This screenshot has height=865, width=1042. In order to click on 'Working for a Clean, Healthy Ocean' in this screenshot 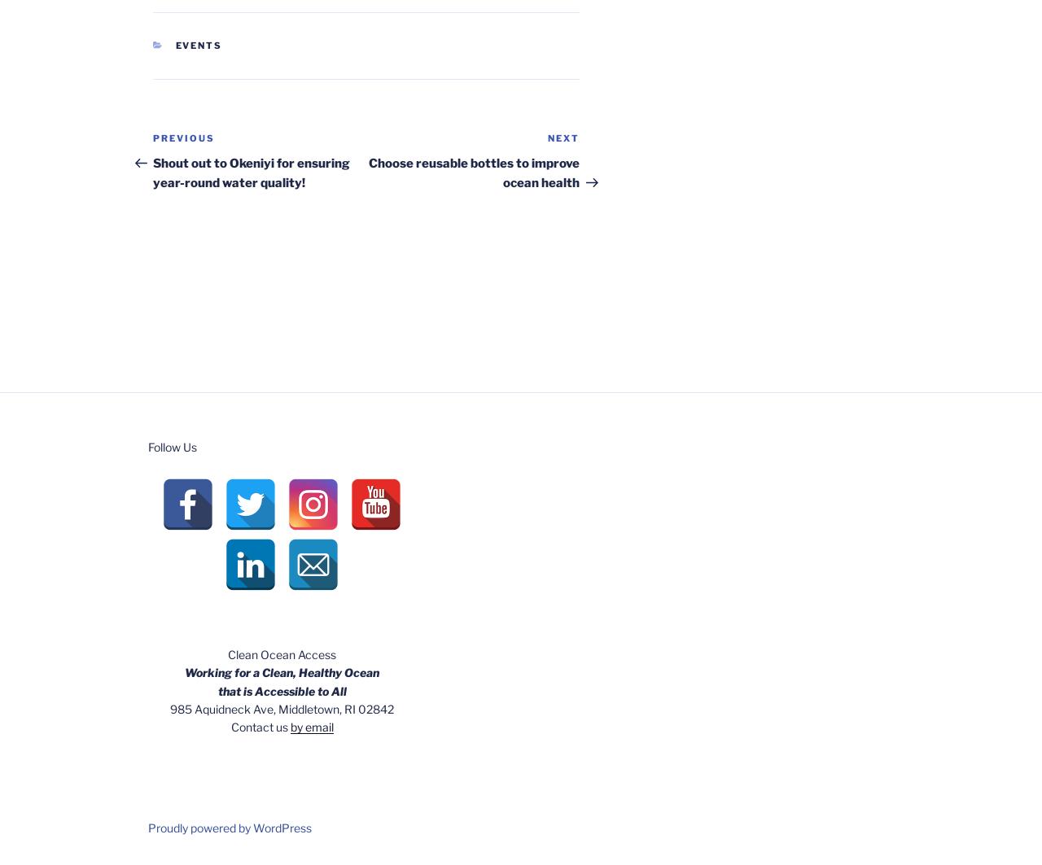, I will do `click(184, 671)`.